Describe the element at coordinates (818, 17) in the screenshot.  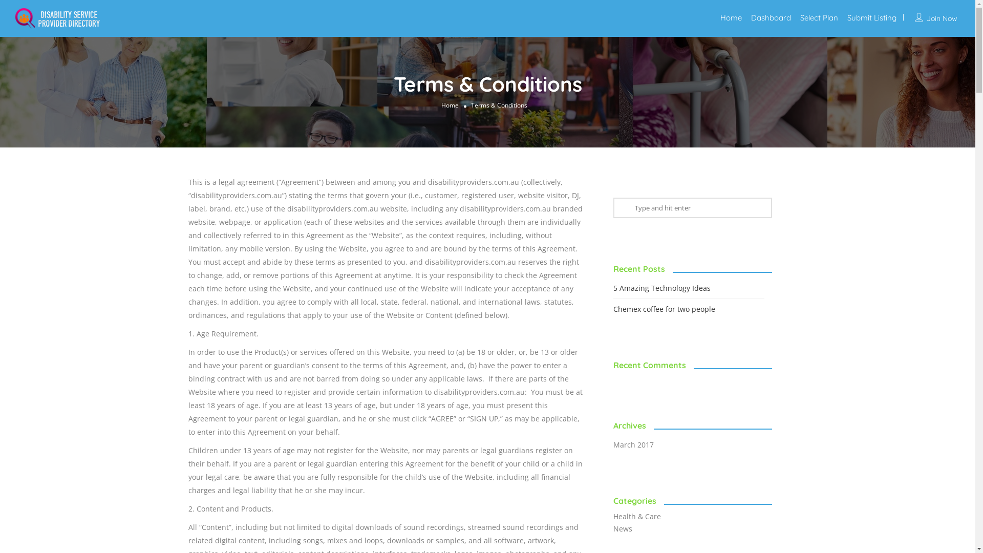
I see `'Select Plan'` at that location.